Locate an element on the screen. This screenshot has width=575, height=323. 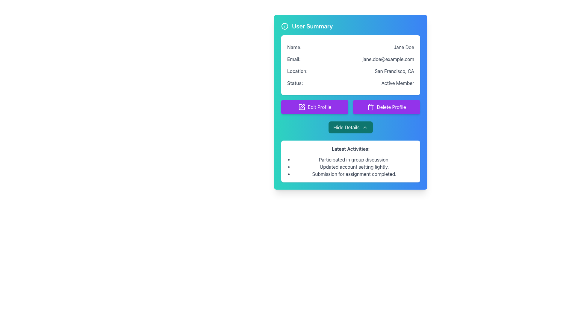
the text label that indicates the subsequent text represents an email address, located in the top-left section of the profile panel is located at coordinates (294, 59).